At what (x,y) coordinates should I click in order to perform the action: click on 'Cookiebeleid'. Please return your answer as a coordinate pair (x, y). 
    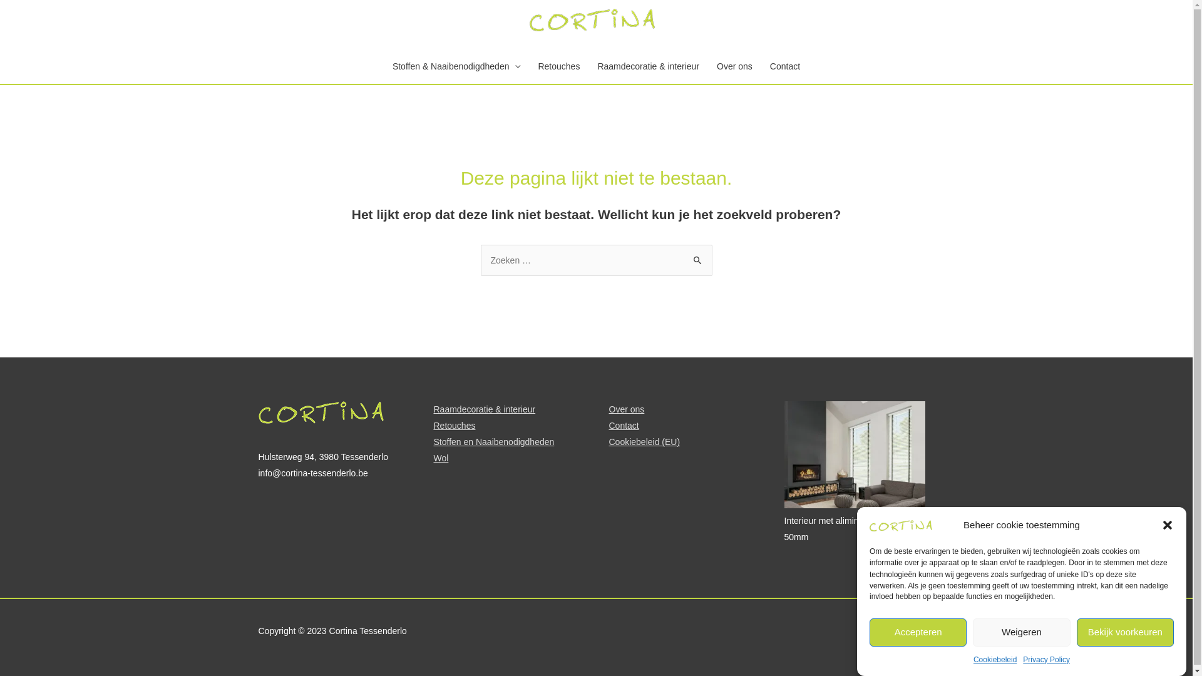
    Looking at the image, I should click on (994, 658).